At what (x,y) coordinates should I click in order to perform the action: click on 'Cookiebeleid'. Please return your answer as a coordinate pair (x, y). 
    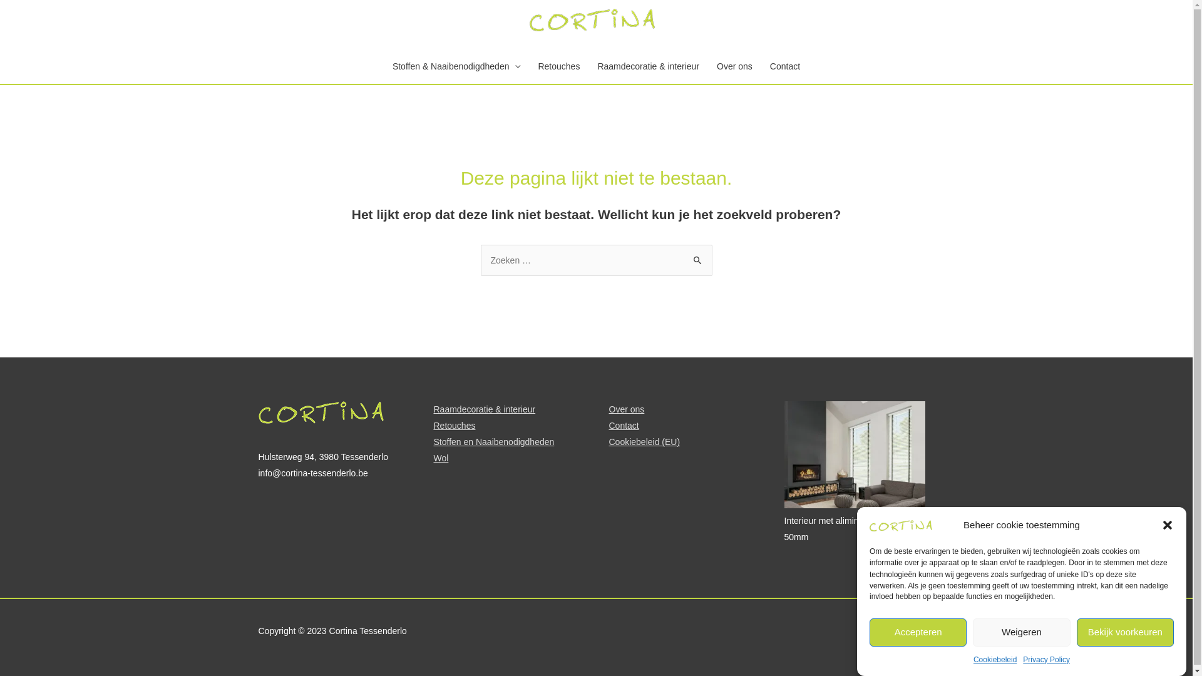
    Looking at the image, I should click on (994, 658).